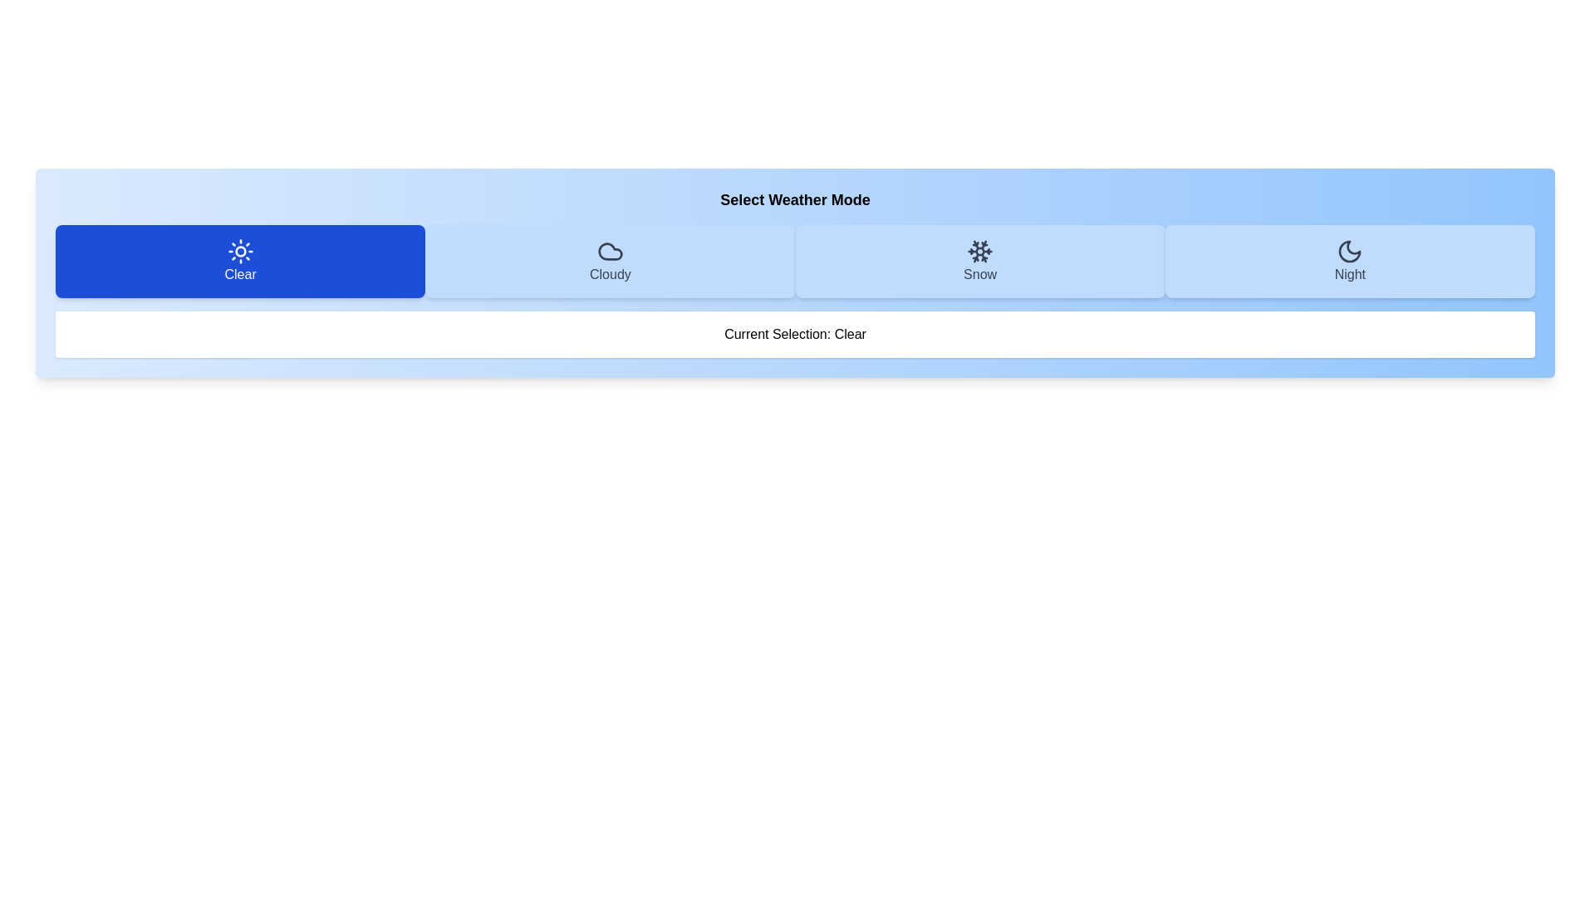 The width and height of the screenshot is (1595, 897). What do you see at coordinates (239, 262) in the screenshot?
I see `the button corresponding to the weather mode Clear` at bounding box center [239, 262].